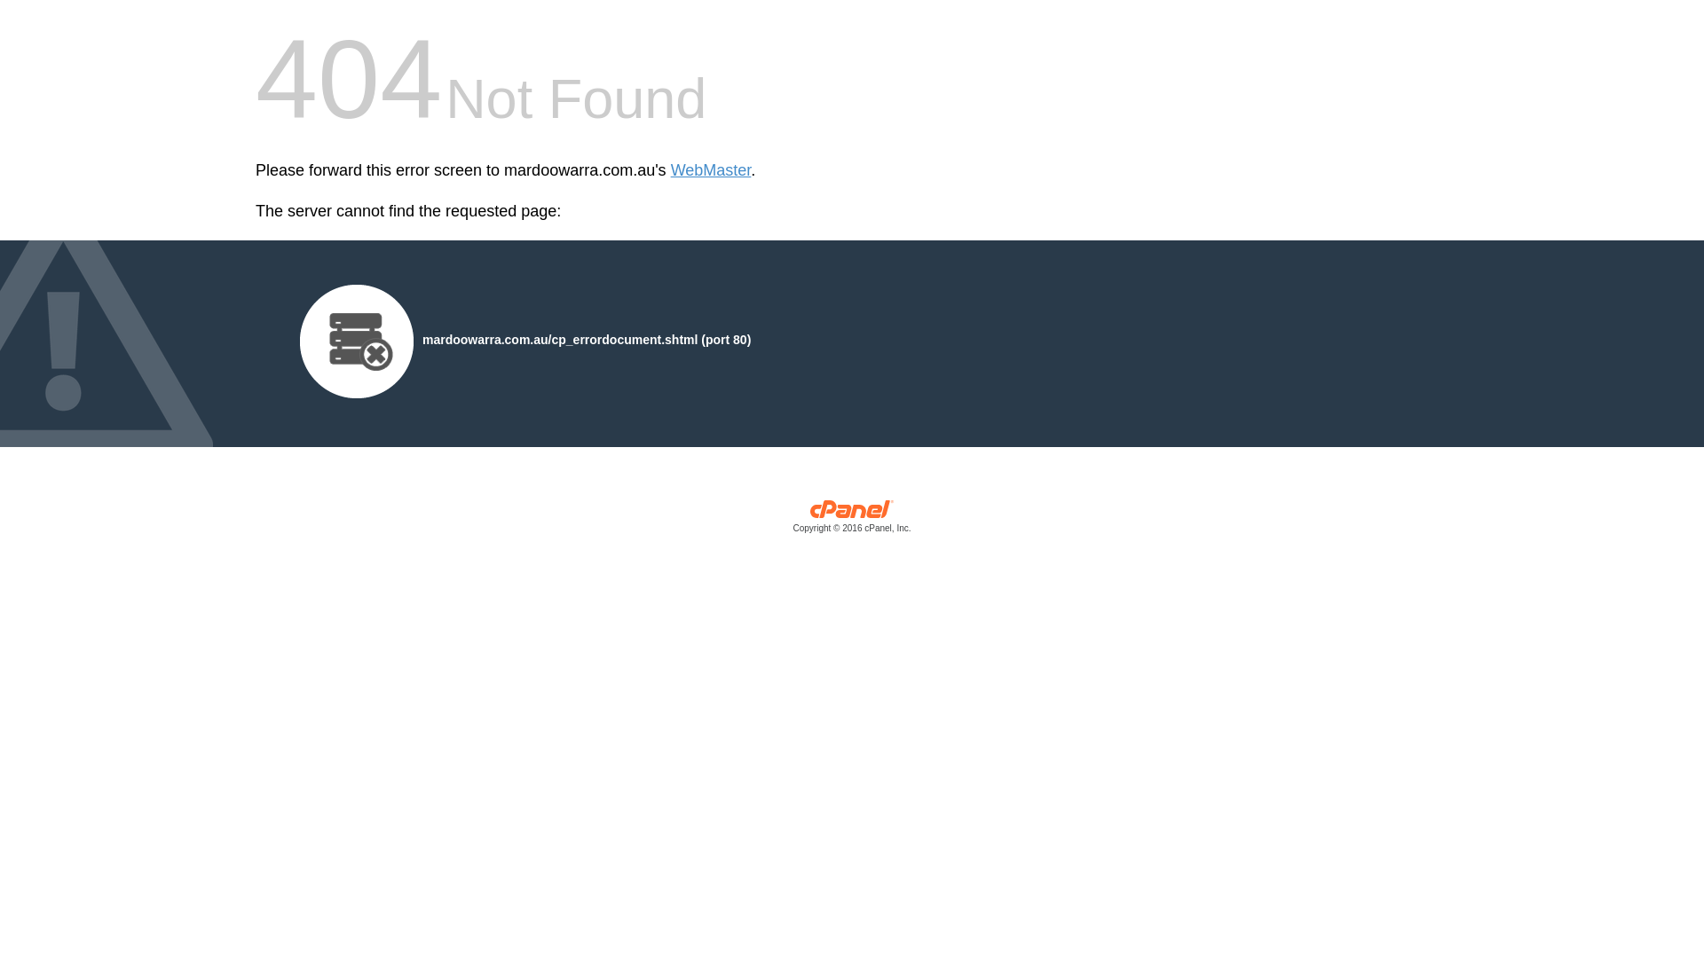  I want to click on 'WebMaster', so click(669, 170).